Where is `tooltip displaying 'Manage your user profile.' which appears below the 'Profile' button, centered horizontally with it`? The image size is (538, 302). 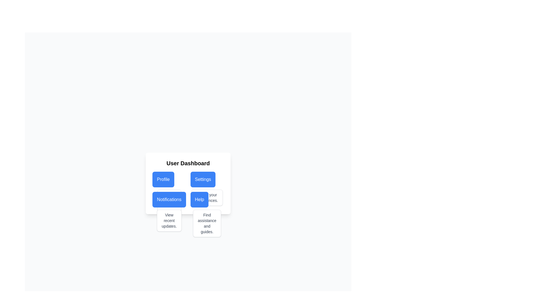
tooltip displaying 'Manage your user profile.' which appears below the 'Profile' button, centered horizontally with it is located at coordinates (169, 203).